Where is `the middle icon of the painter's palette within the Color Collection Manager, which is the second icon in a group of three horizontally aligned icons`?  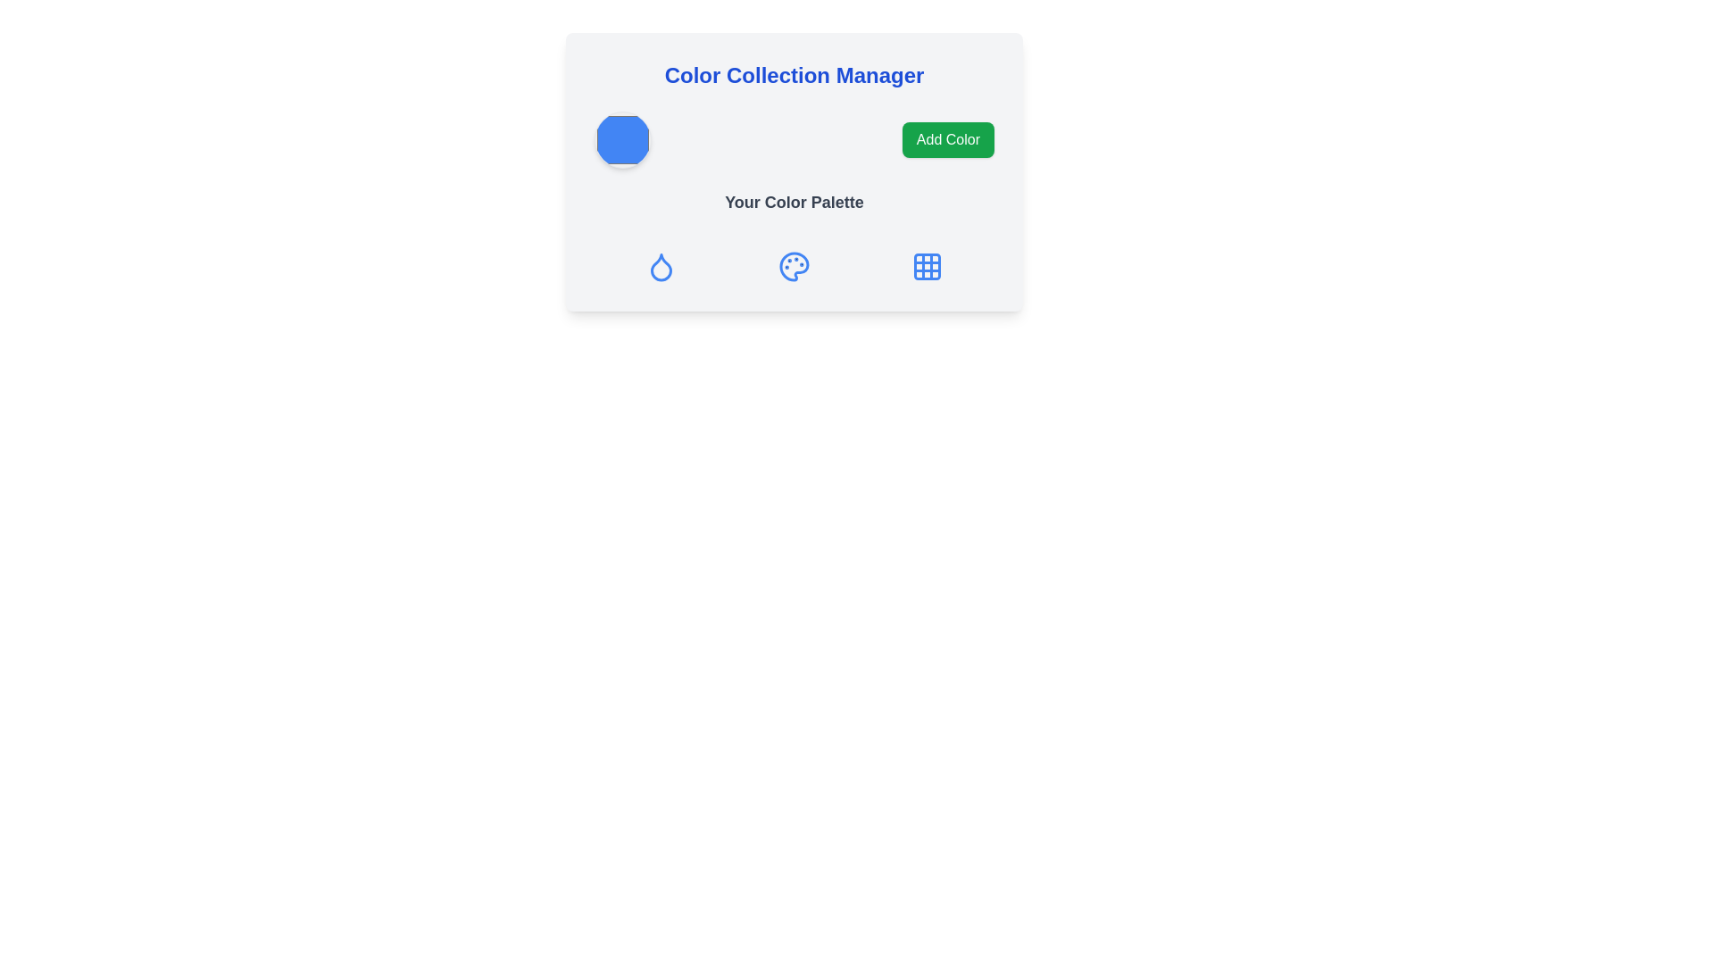 the middle icon of the painter's palette within the Color Collection Manager, which is the second icon in a group of three horizontally aligned icons is located at coordinates (793, 267).